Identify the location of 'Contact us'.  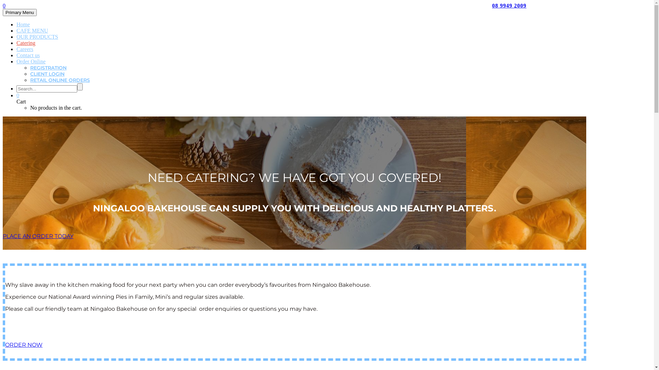
(27, 55).